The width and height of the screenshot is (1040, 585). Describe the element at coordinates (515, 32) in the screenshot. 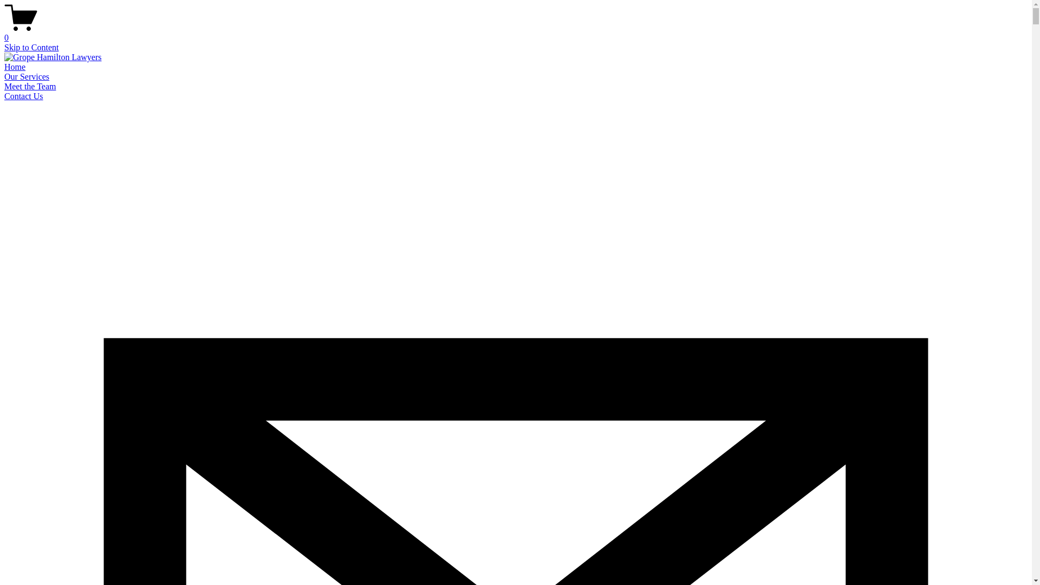

I see `'0'` at that location.